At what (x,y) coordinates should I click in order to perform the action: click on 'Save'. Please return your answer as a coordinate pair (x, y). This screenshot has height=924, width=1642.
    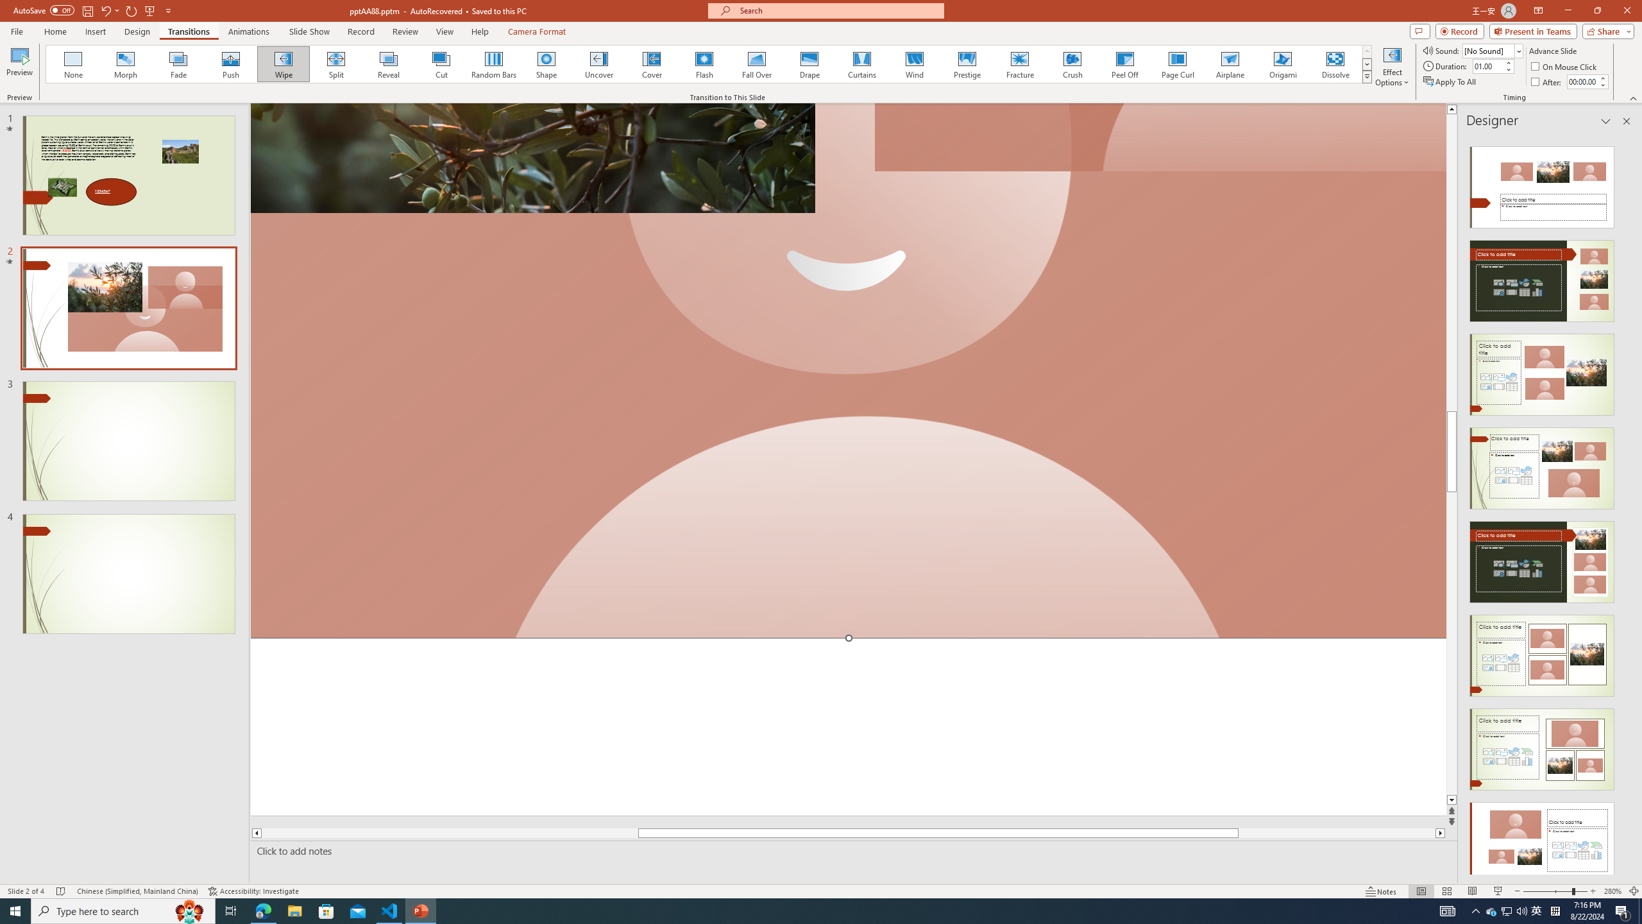
    Looking at the image, I should click on (87, 10).